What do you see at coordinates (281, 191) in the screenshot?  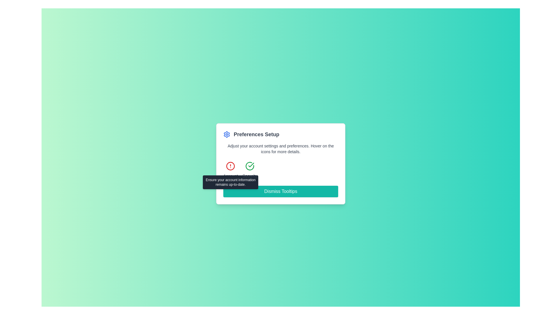 I see `the rectangular button with a teal background and white text that says 'Dismiss Tooltips' located at the bottom of the 'Preferences Setup' dialog box` at bounding box center [281, 191].